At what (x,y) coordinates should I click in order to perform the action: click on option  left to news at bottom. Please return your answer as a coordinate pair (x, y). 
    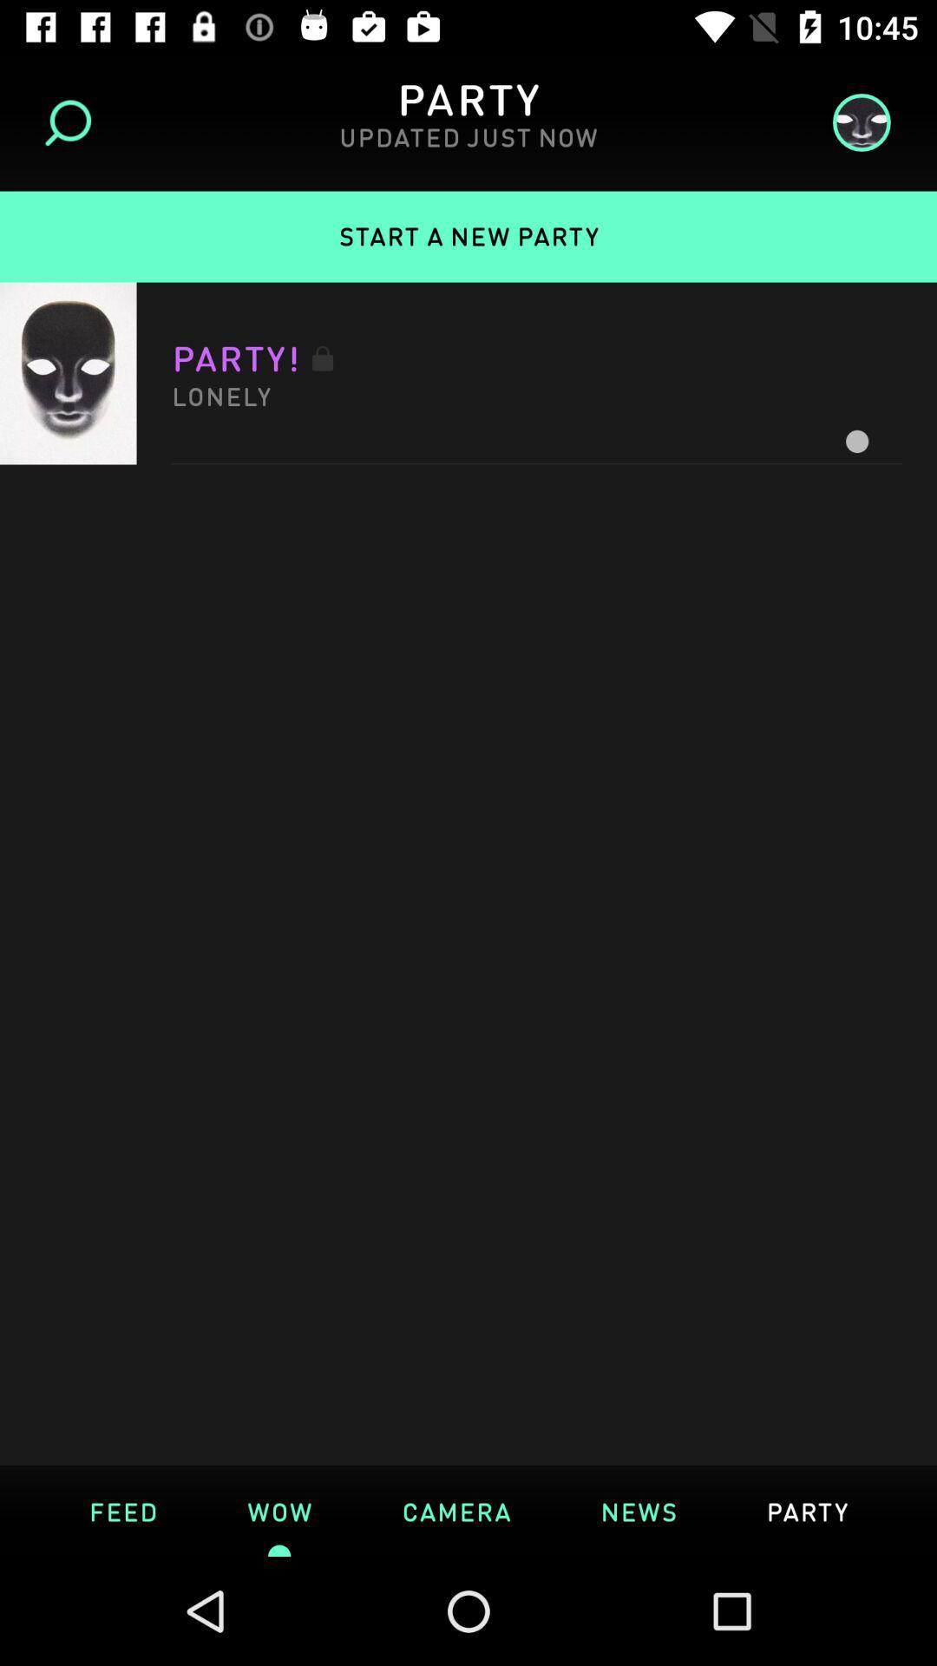
    Looking at the image, I should click on (455, 1510).